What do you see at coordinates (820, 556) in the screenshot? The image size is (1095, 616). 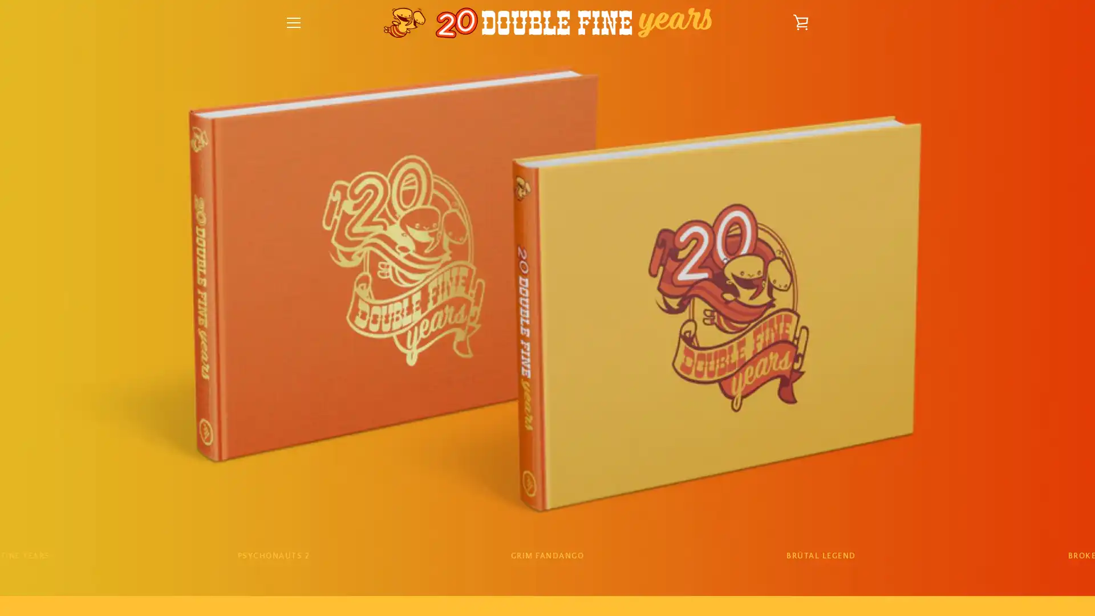 I see `SLIDE 4 BRUTAL LEGEND` at bounding box center [820, 556].